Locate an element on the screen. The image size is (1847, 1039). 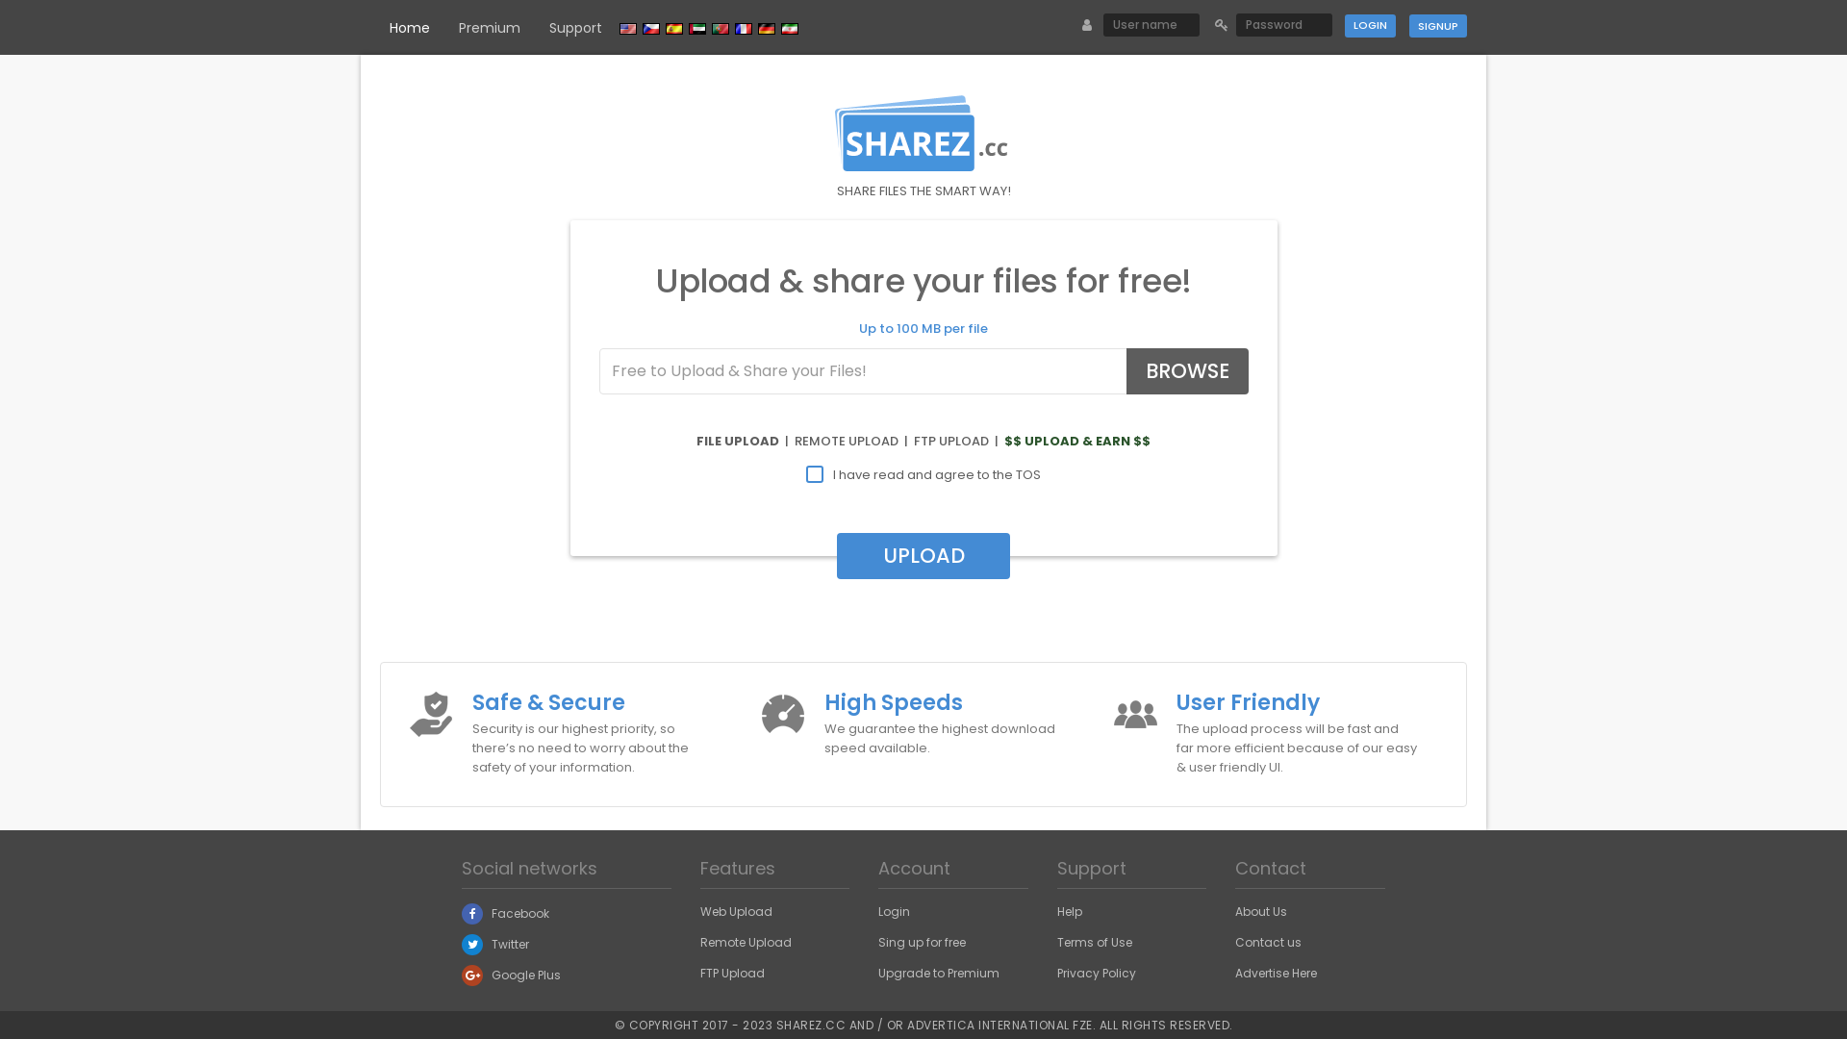
'UPLOAD' is located at coordinates (923, 556).